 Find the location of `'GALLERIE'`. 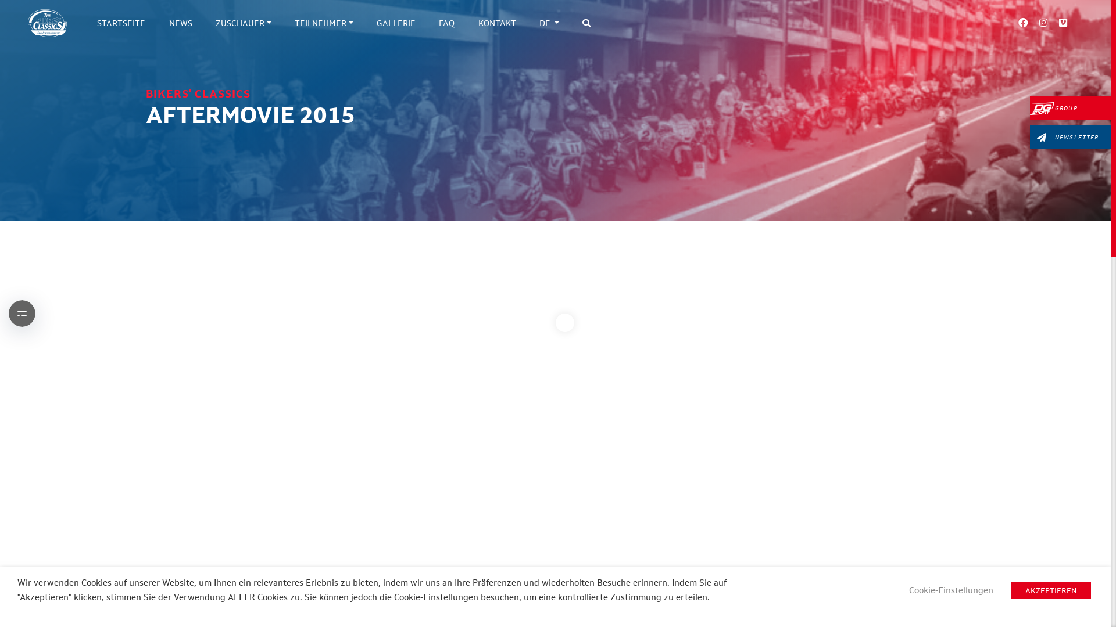

'GALLERIE' is located at coordinates (396, 23).